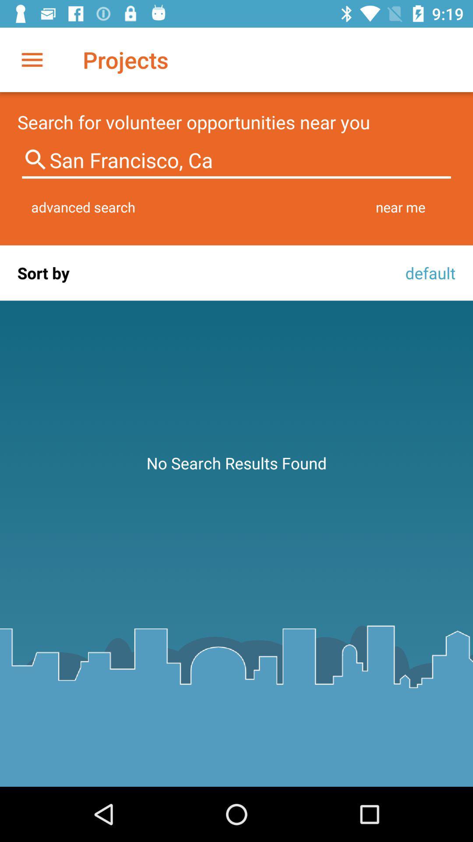 The height and width of the screenshot is (842, 473). I want to click on the item above sort by, so click(83, 207).